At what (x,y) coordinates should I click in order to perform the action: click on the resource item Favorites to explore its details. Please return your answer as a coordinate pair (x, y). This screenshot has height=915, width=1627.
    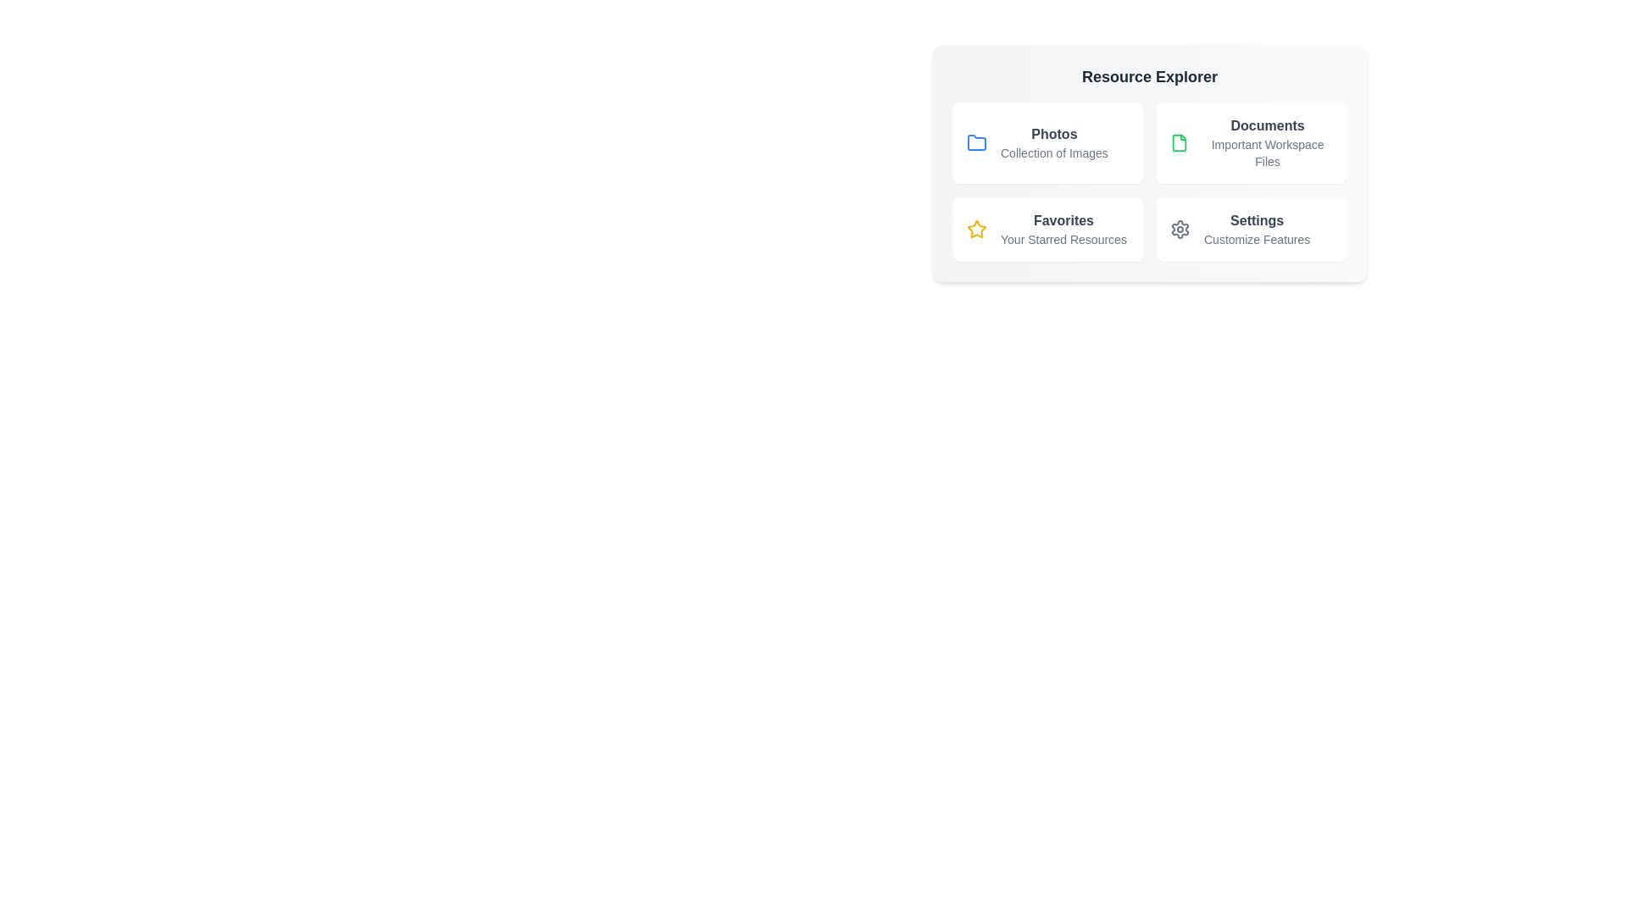
    Looking at the image, I should click on (1047, 229).